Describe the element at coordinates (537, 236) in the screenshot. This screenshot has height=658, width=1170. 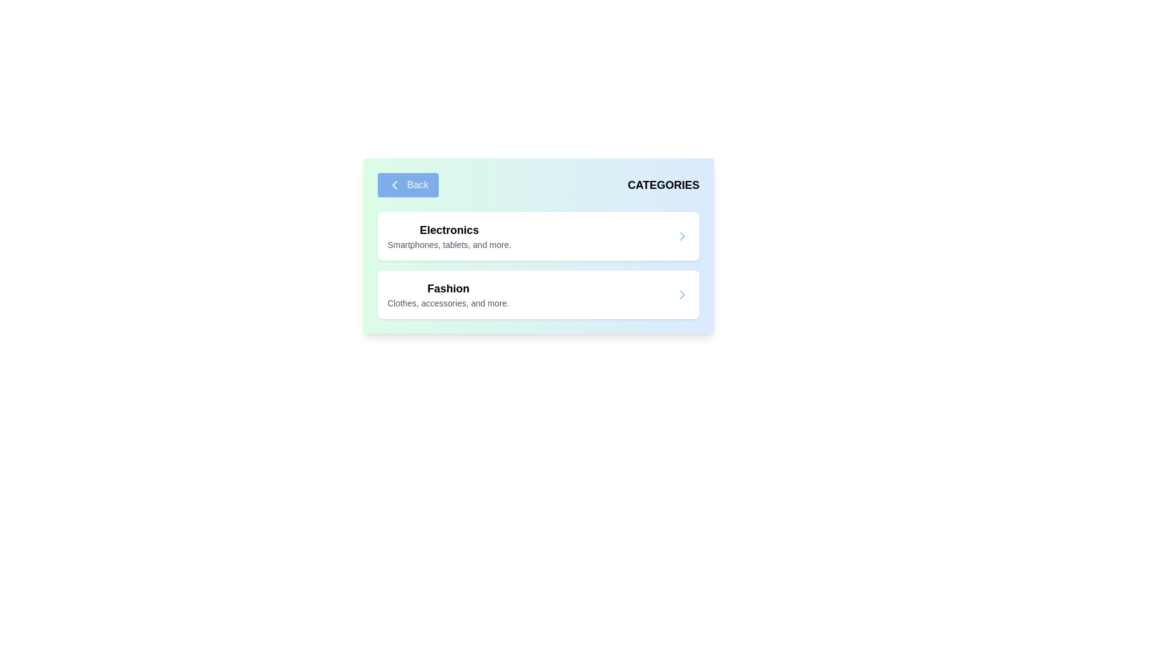
I see `the 'Electronics' category list item located at the top-center of the 'Categories' section` at that location.